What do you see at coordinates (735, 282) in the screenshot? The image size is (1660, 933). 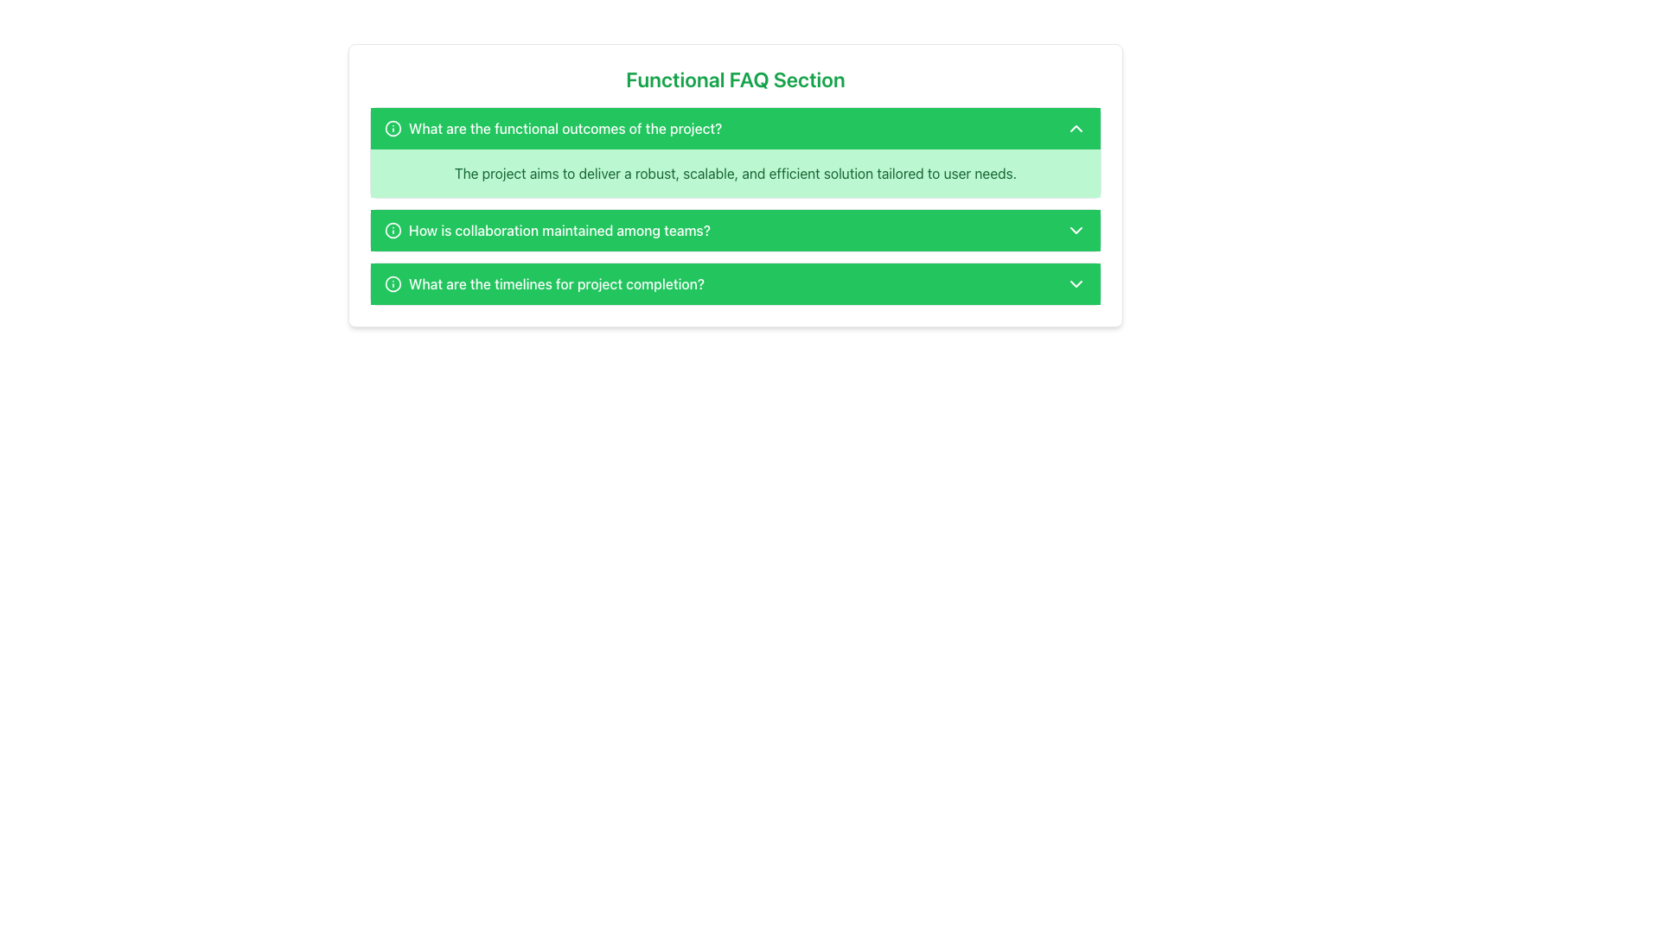 I see `the third Toggle button` at bounding box center [735, 282].